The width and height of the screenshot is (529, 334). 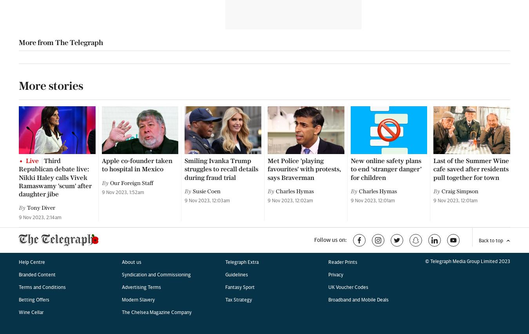 I want to click on 'Guidelines', so click(x=225, y=57).